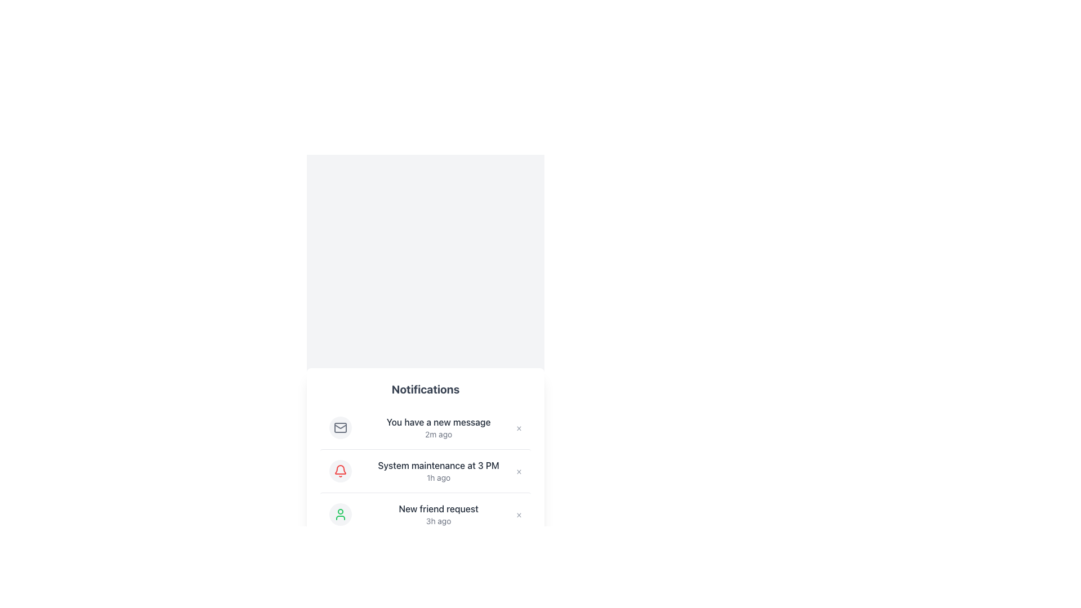 Image resolution: width=1081 pixels, height=608 pixels. What do you see at coordinates (340, 427) in the screenshot?
I see `the circular mail envelope icon with a light gray background and blue details, located on the far left of the notification entry that reads 'You have a new message 2m ago ×'` at bounding box center [340, 427].